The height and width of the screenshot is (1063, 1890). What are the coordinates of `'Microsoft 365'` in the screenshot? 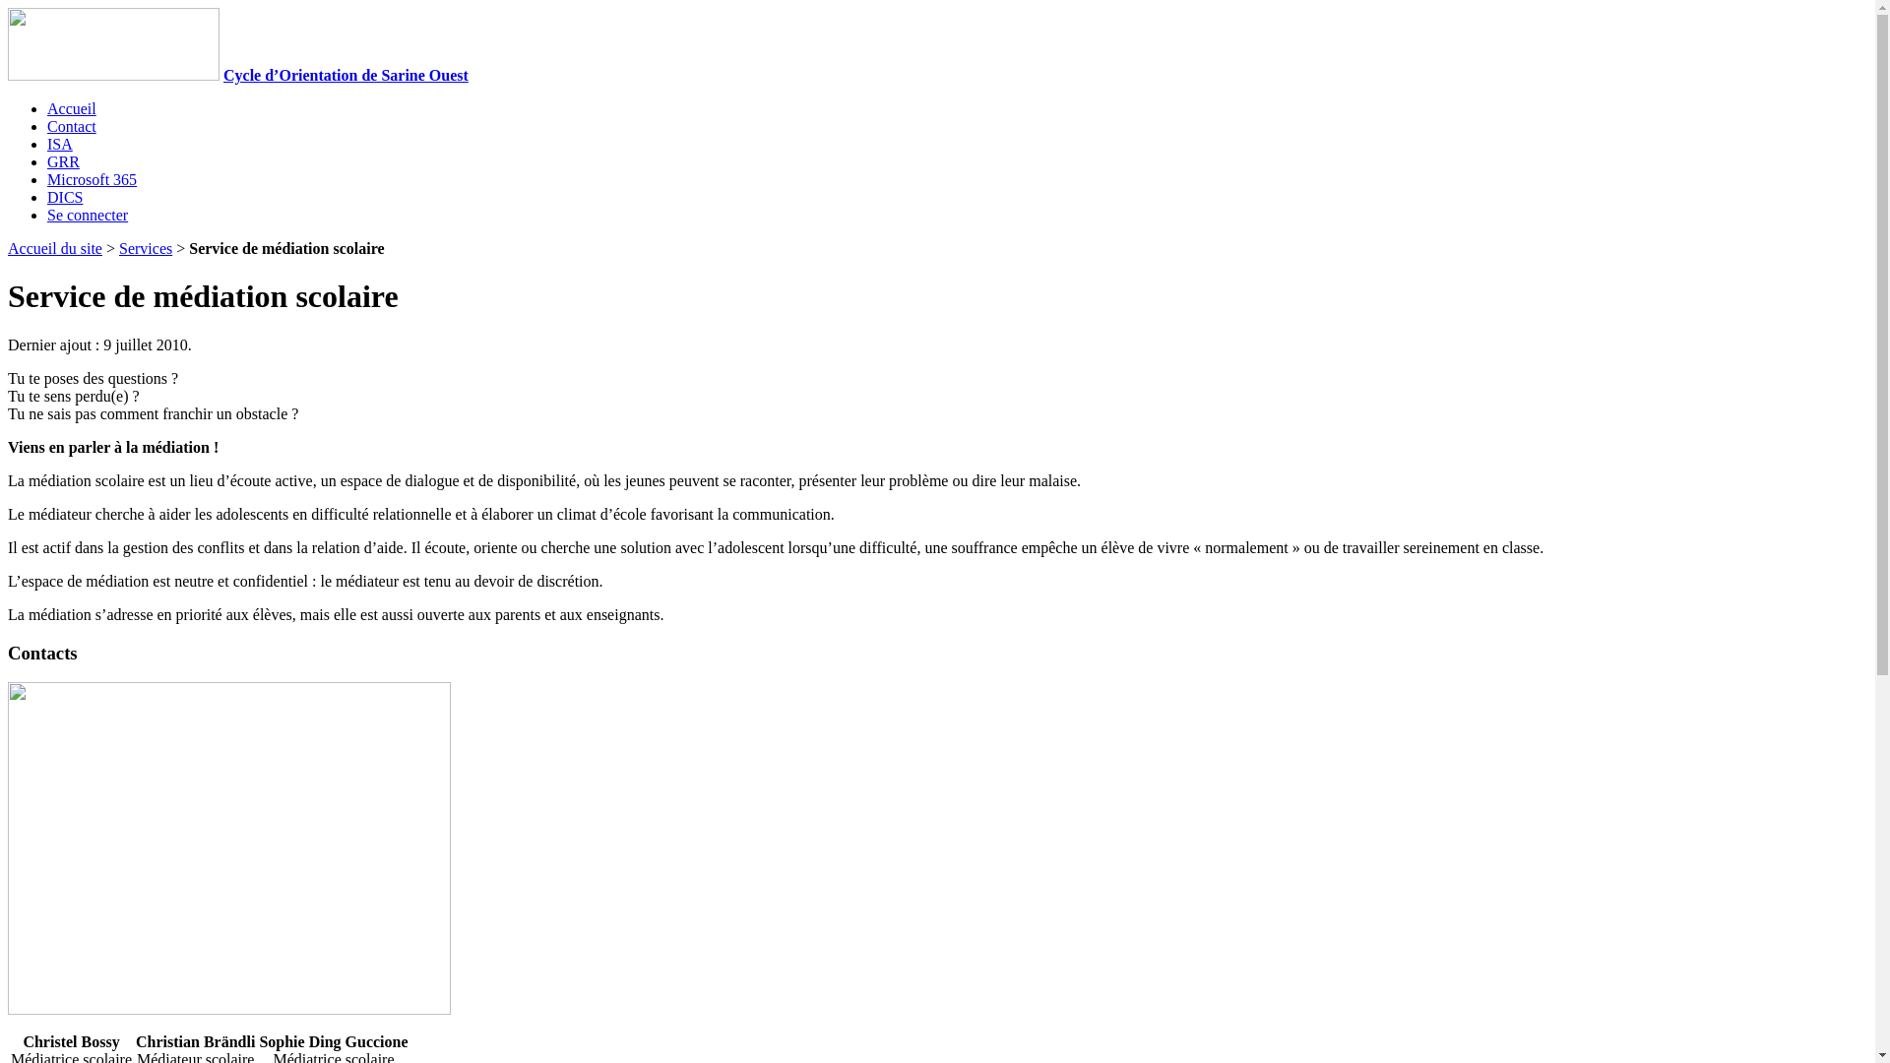 It's located at (91, 179).